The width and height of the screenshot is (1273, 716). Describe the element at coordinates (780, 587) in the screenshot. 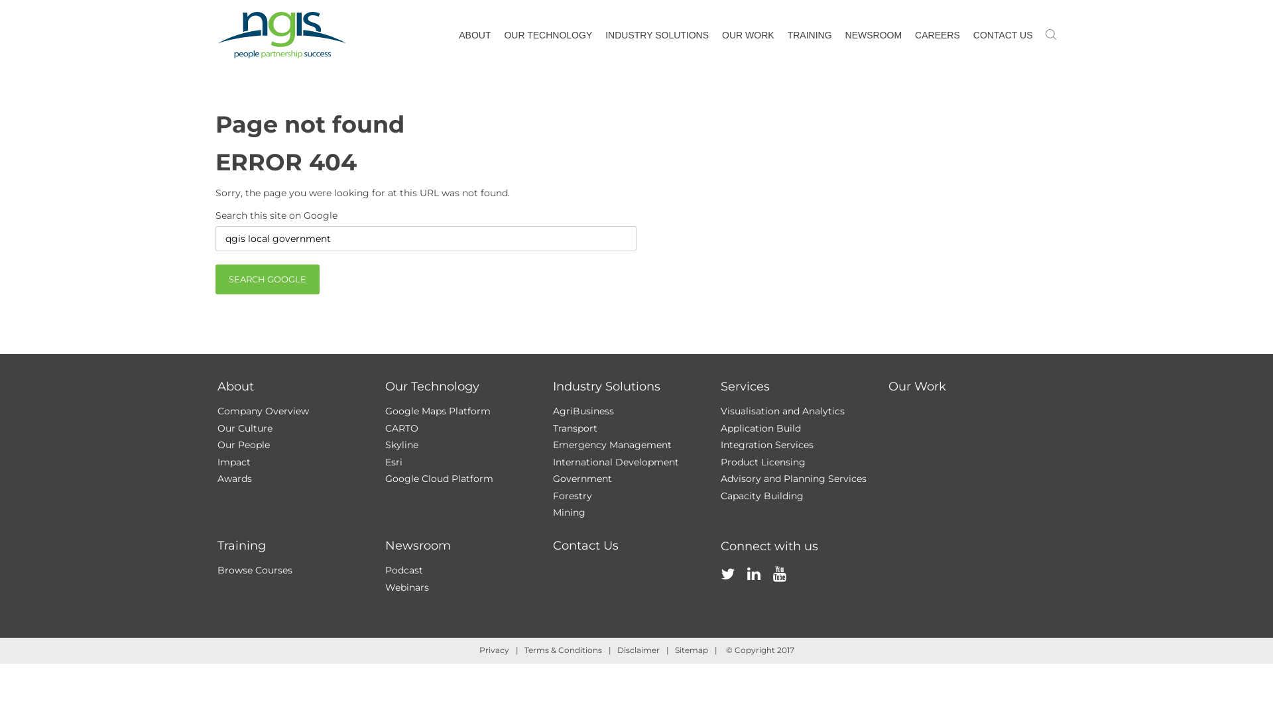

I see `'YouTube'` at that location.